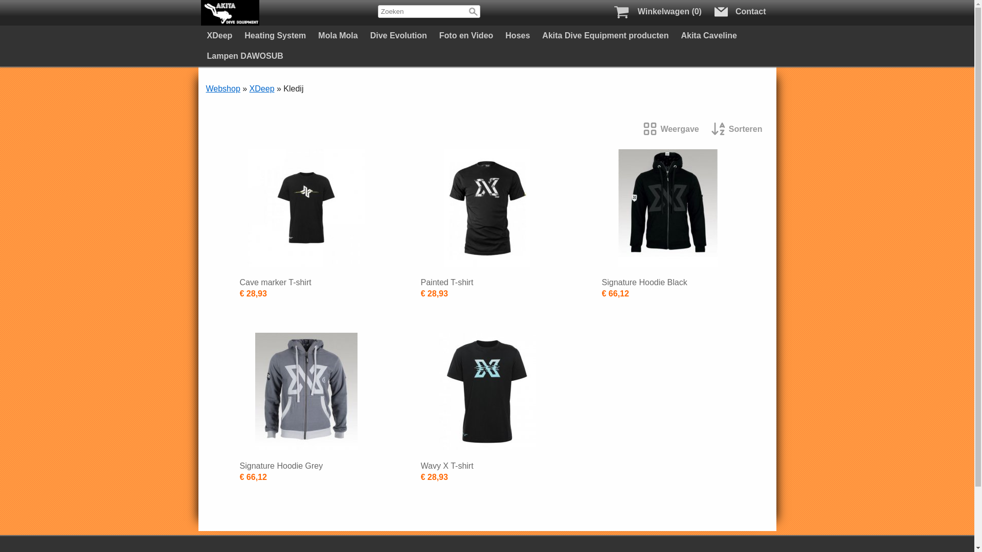  Describe the element at coordinates (671, 129) in the screenshot. I see `'Weergave'` at that location.